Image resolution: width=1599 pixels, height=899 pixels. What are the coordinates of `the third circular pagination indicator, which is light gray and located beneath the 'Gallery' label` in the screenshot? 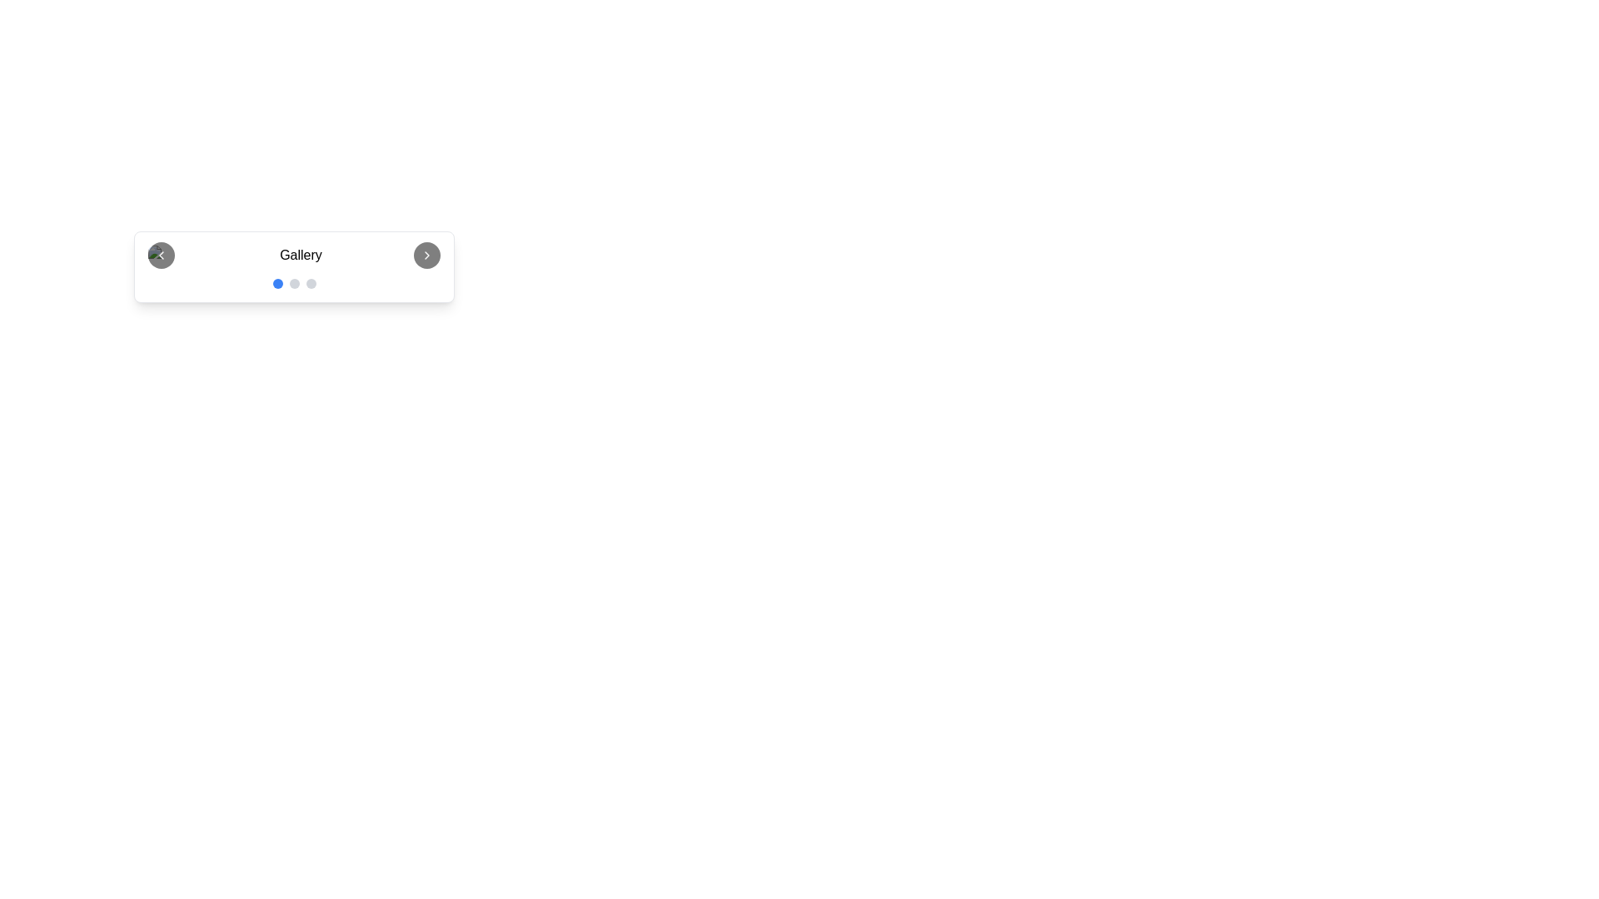 It's located at (311, 282).